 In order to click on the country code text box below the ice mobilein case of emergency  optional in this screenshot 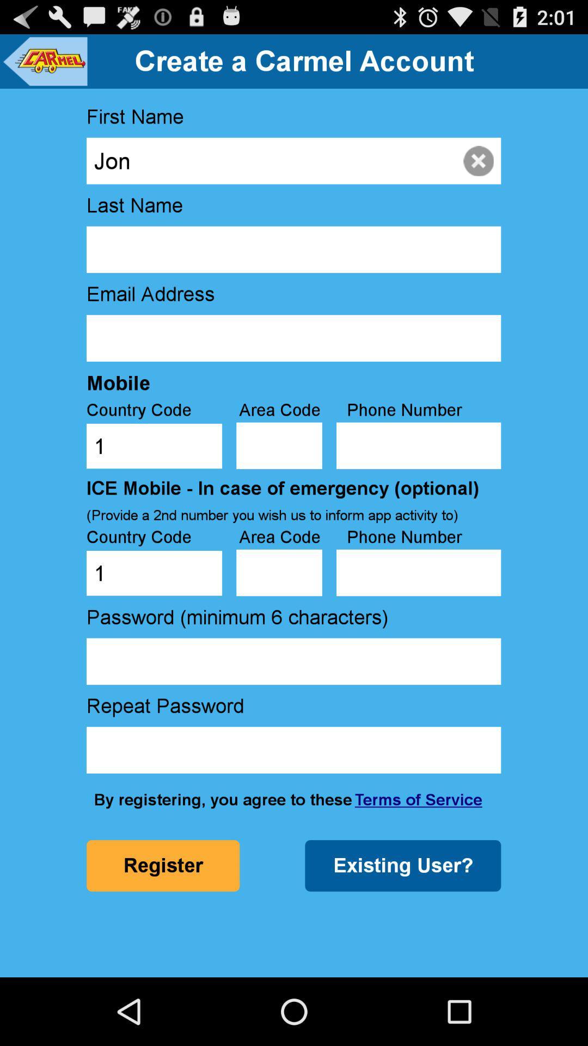, I will do `click(154, 573)`.